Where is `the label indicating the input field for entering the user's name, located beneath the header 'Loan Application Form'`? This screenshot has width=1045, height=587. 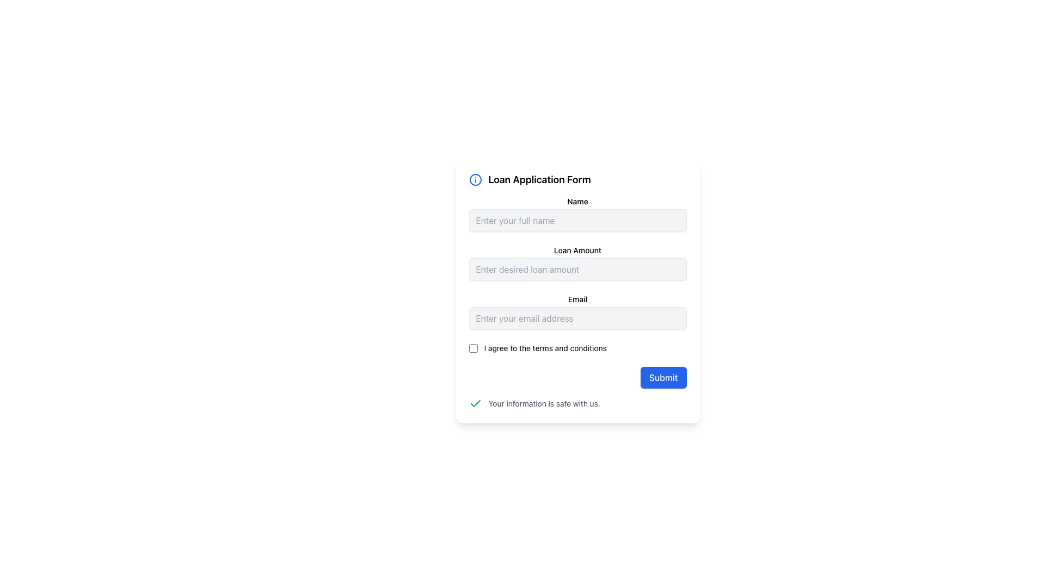
the label indicating the input field for entering the user's name, located beneath the header 'Loan Application Form' is located at coordinates (577, 201).